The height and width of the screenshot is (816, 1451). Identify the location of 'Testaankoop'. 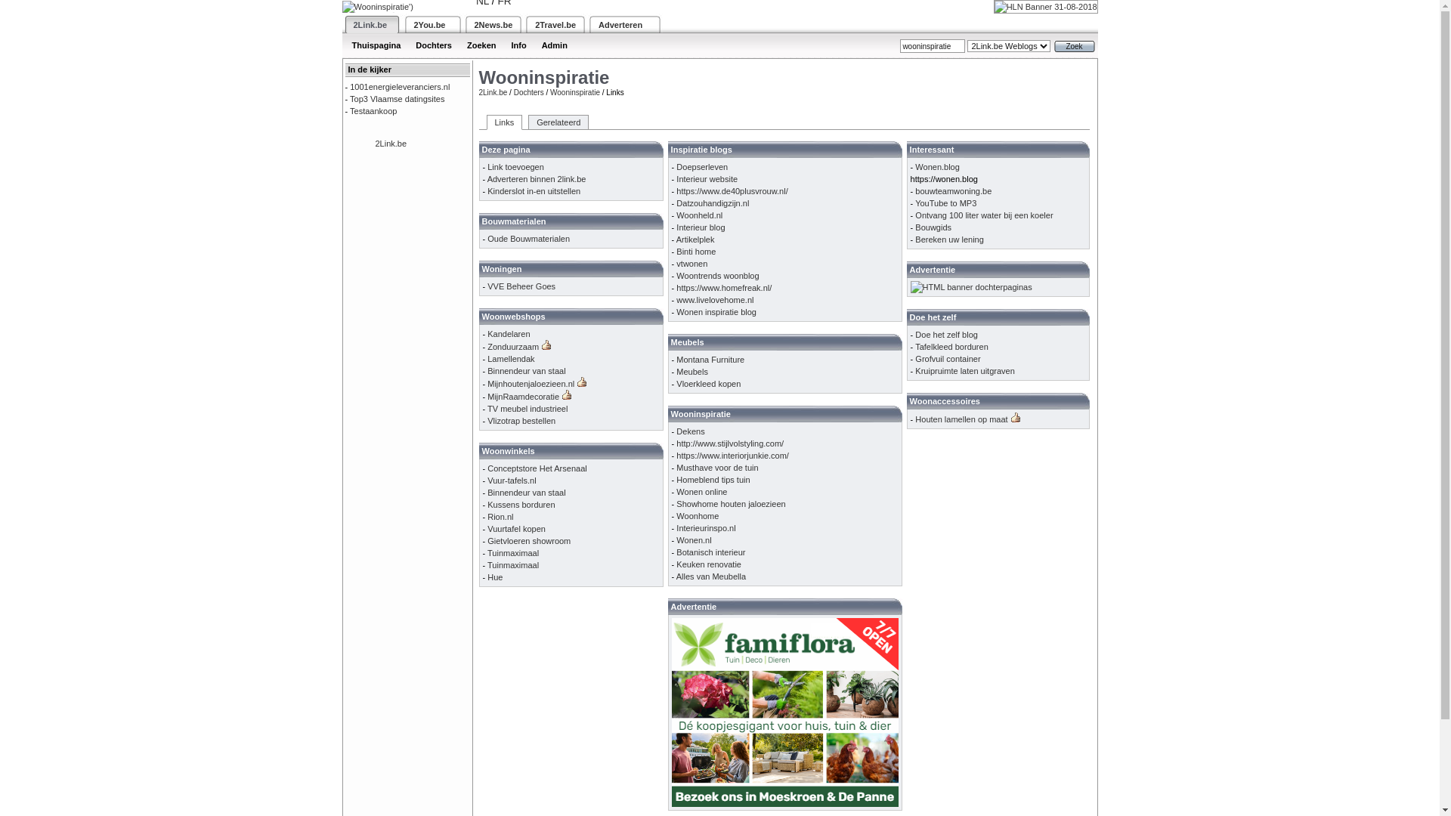
(373, 110).